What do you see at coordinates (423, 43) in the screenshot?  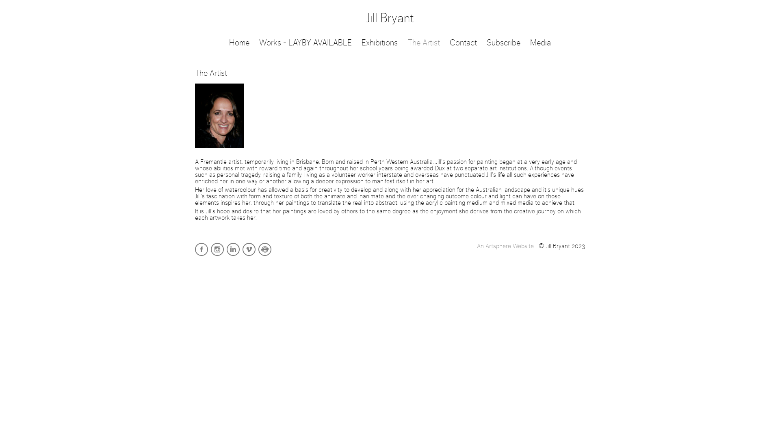 I see `'The Artist'` at bounding box center [423, 43].